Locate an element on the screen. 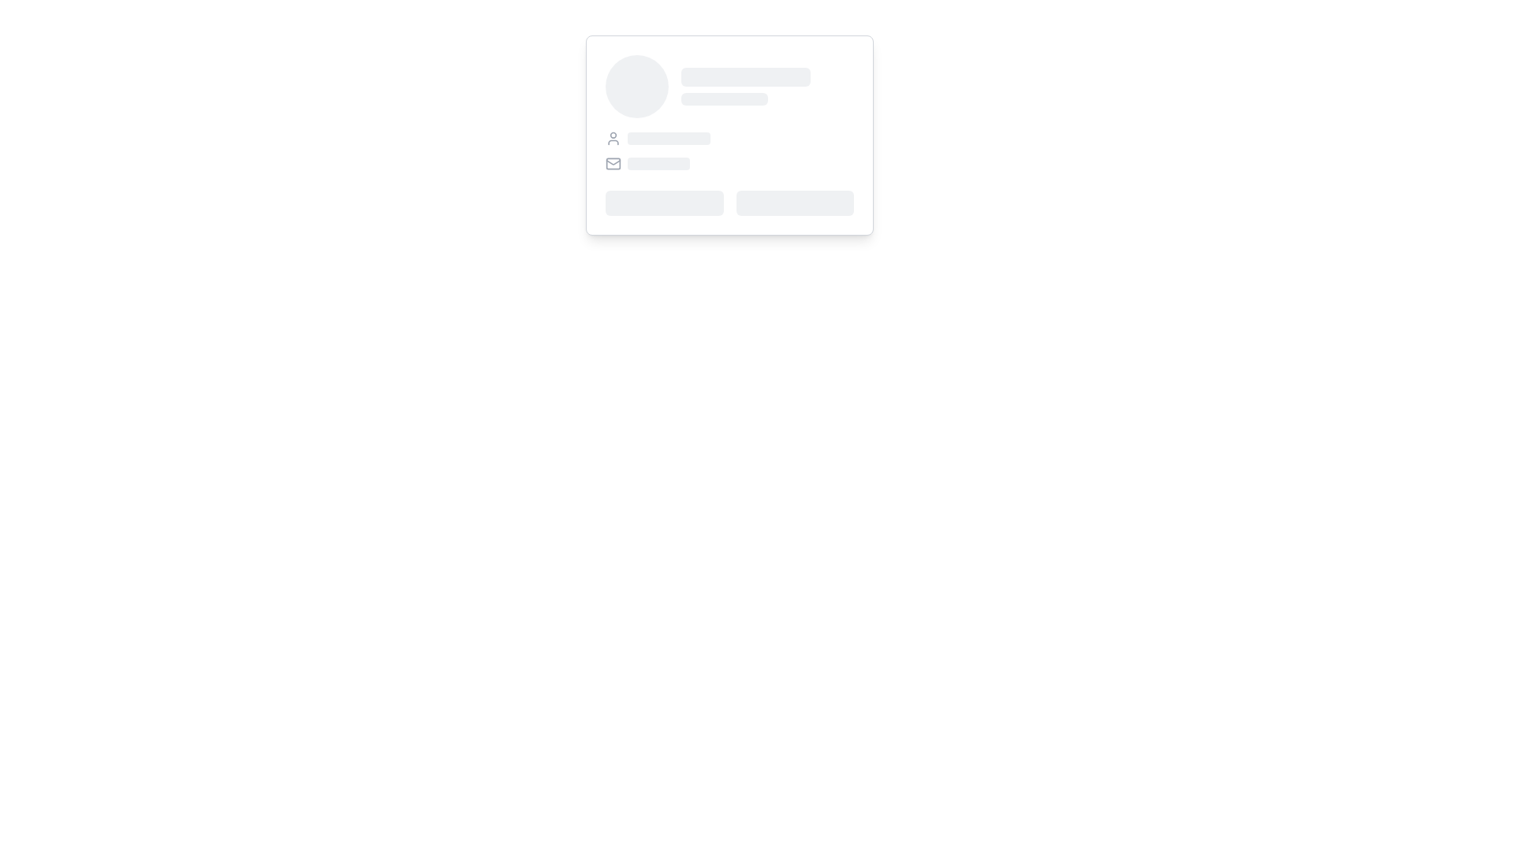 The height and width of the screenshot is (851, 1514). the user profile icon, which is depicted with a gray outline of a head and shoulders and is the first element in a horizontal layout group is located at coordinates (612, 138).